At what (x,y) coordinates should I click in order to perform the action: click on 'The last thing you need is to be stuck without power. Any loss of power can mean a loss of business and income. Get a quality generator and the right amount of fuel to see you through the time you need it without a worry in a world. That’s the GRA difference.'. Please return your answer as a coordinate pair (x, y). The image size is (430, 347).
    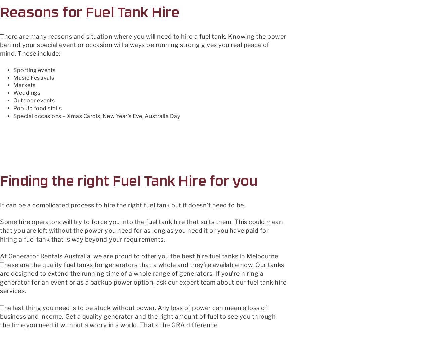
    Looking at the image, I should click on (137, 316).